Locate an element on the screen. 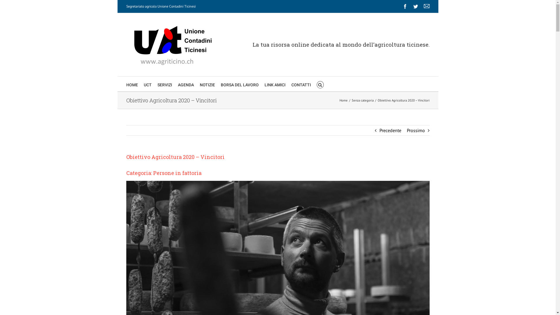 Image resolution: width=560 pixels, height=315 pixels. 'Prossimo' is located at coordinates (415, 130).